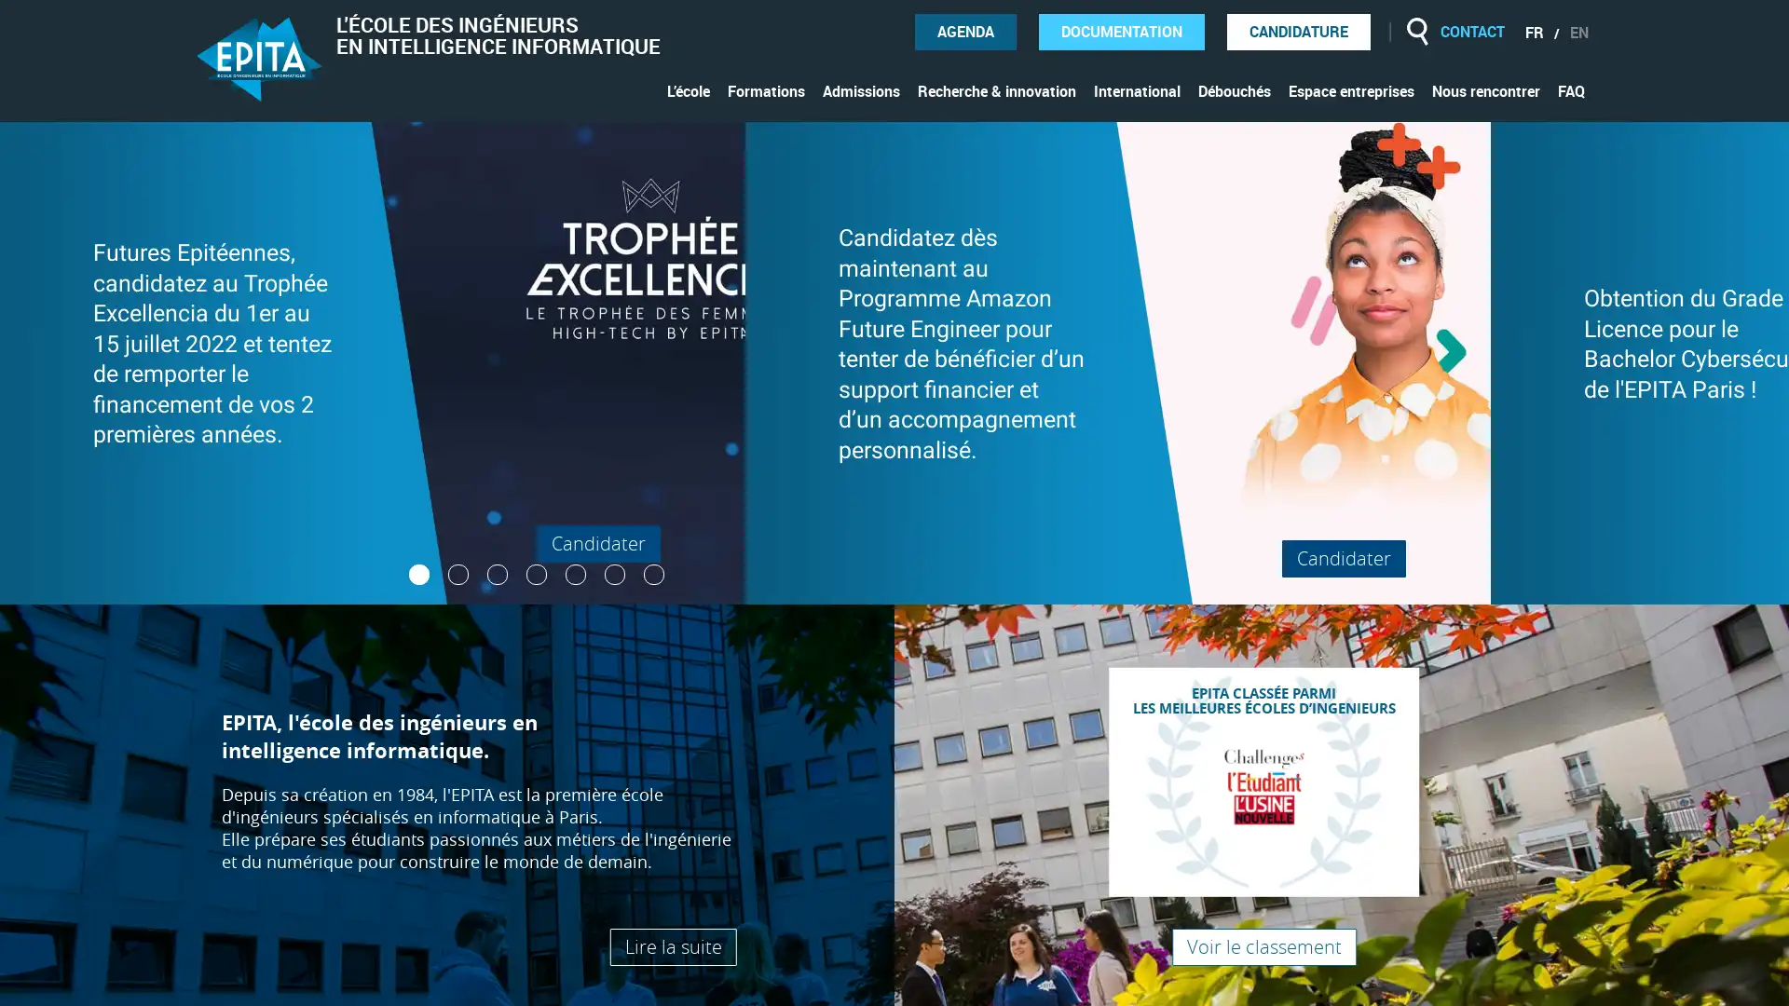 Image resolution: width=1789 pixels, height=1006 pixels. I want to click on 6, so click(615, 570).